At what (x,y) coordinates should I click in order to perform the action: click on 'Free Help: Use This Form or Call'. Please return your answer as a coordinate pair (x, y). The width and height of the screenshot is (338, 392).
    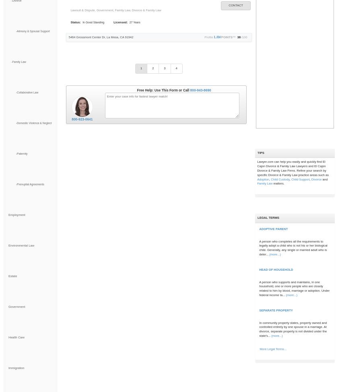
    Looking at the image, I should click on (163, 89).